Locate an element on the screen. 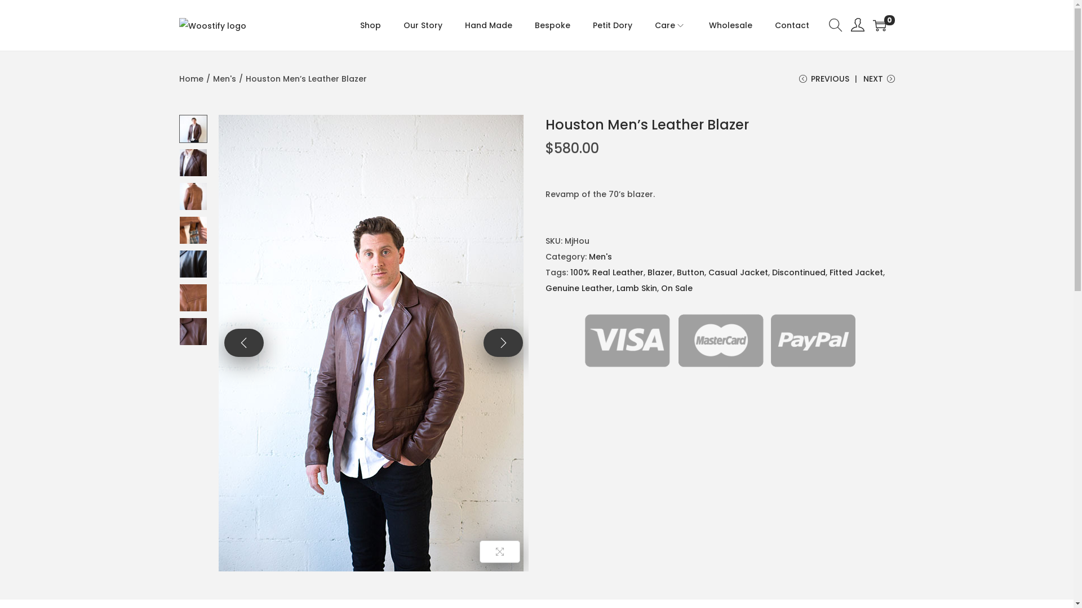  'Fitted Jacket' is located at coordinates (856, 272).